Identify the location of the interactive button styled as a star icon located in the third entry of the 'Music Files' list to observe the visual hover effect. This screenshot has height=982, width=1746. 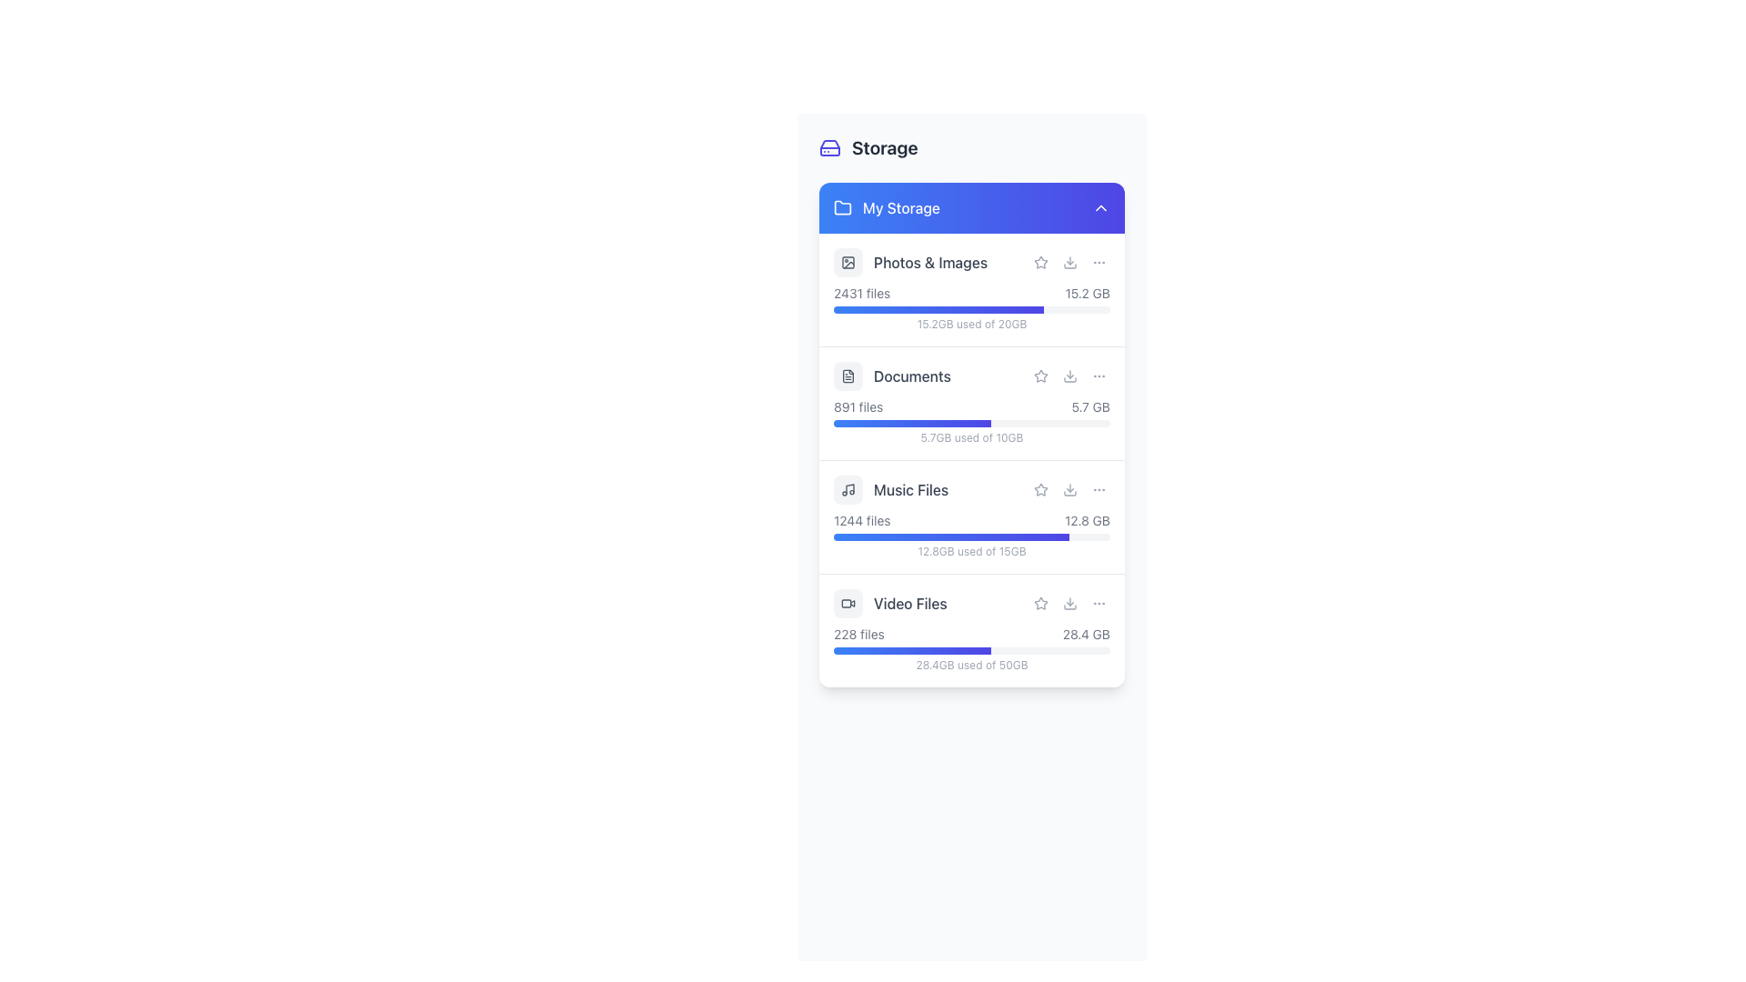
(1041, 489).